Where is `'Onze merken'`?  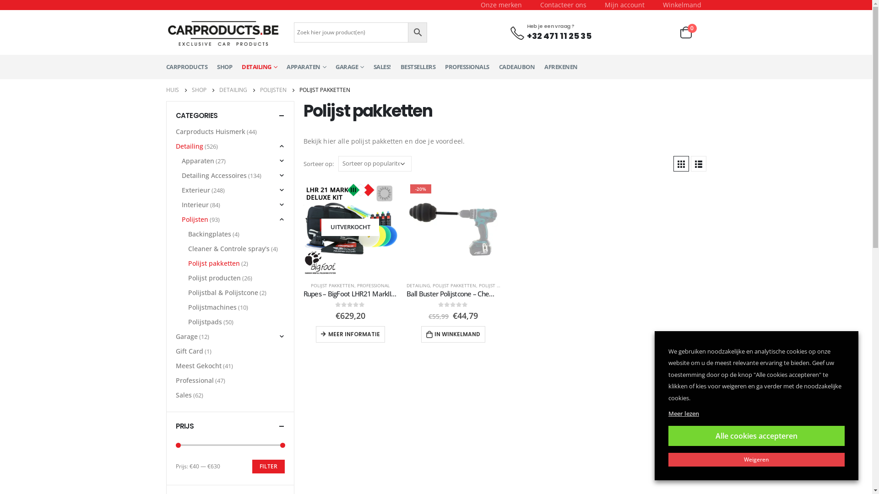 'Onze merken' is located at coordinates (500, 5).